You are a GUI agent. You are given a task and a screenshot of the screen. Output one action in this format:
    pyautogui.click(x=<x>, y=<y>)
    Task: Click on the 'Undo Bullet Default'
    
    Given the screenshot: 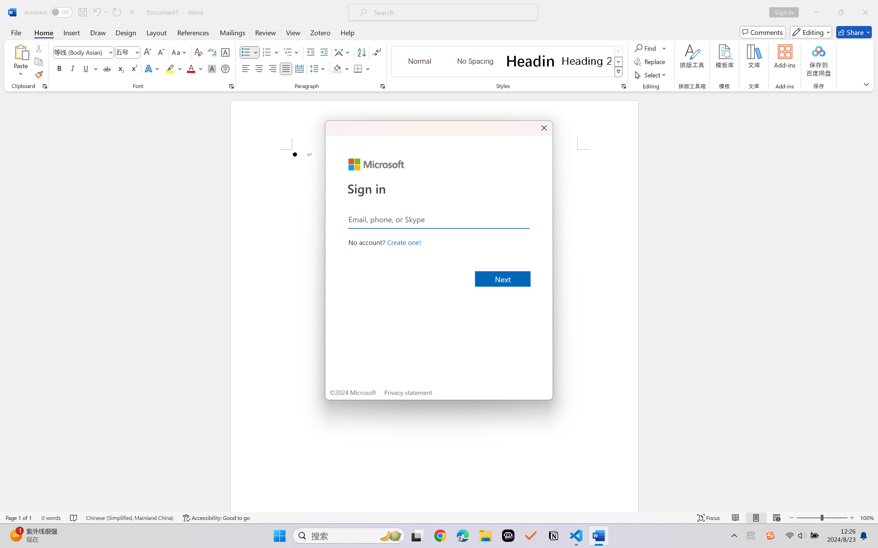 What is the action you would take?
    pyautogui.click(x=96, y=12)
    